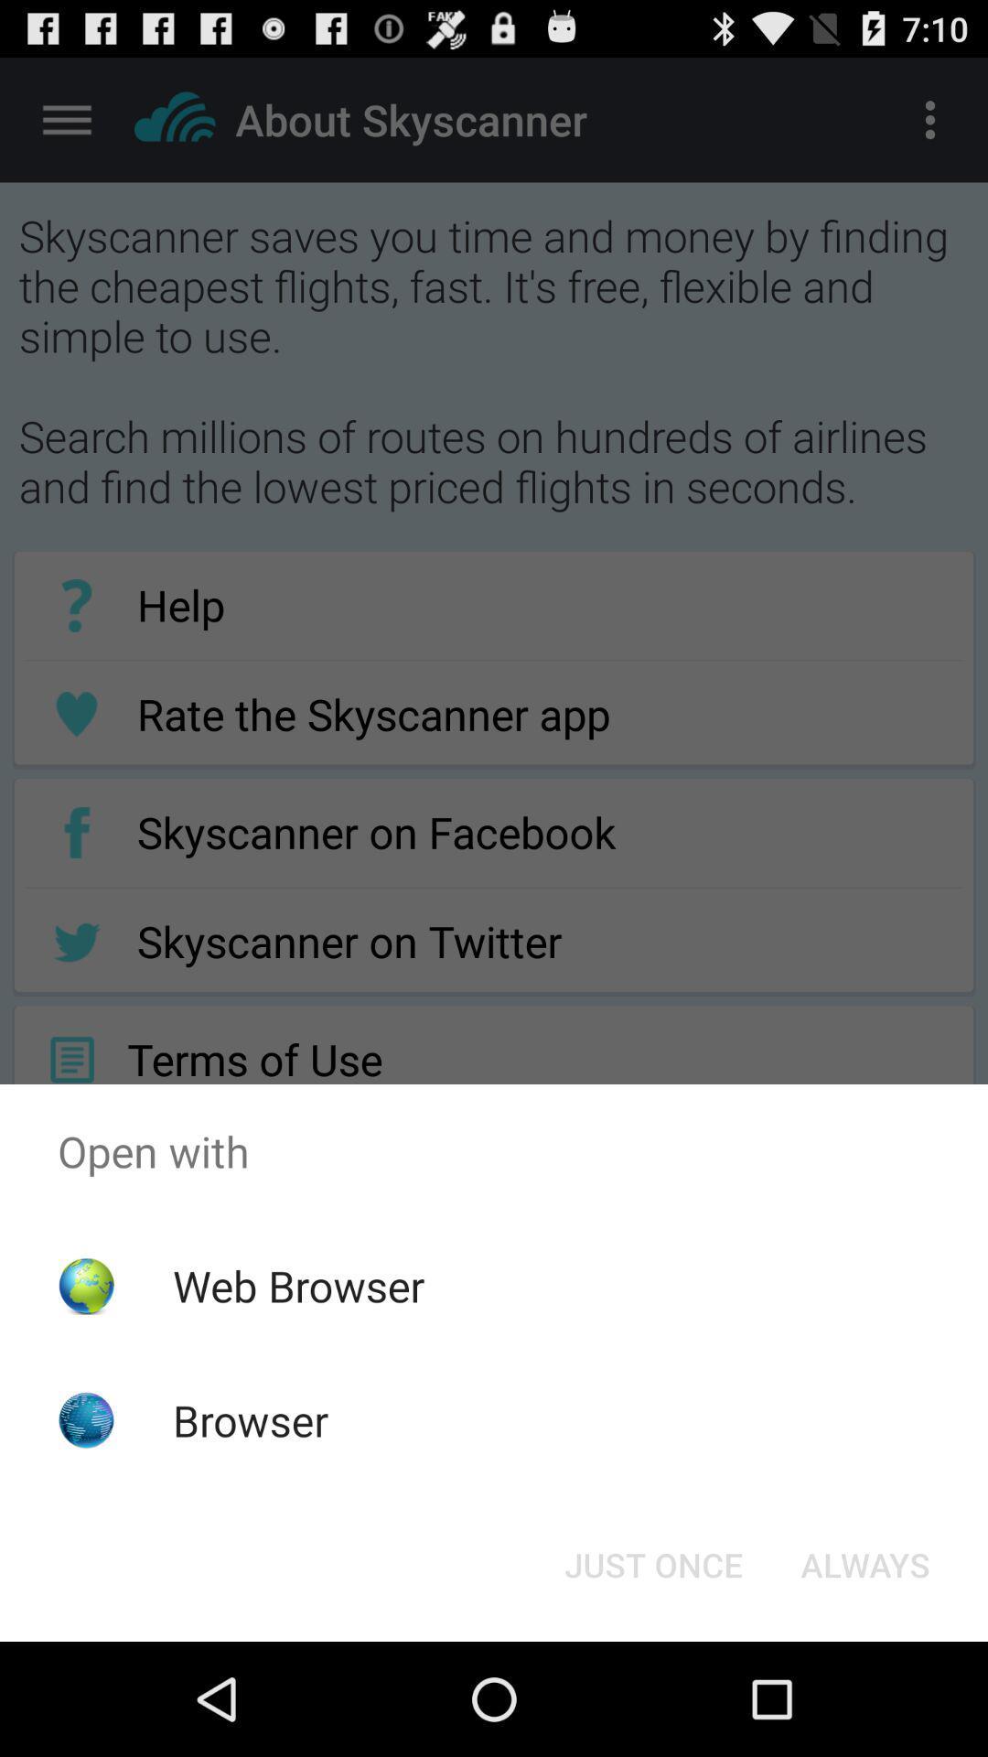 Image resolution: width=988 pixels, height=1757 pixels. What do you see at coordinates (297, 1285) in the screenshot?
I see `the item above browser icon` at bounding box center [297, 1285].